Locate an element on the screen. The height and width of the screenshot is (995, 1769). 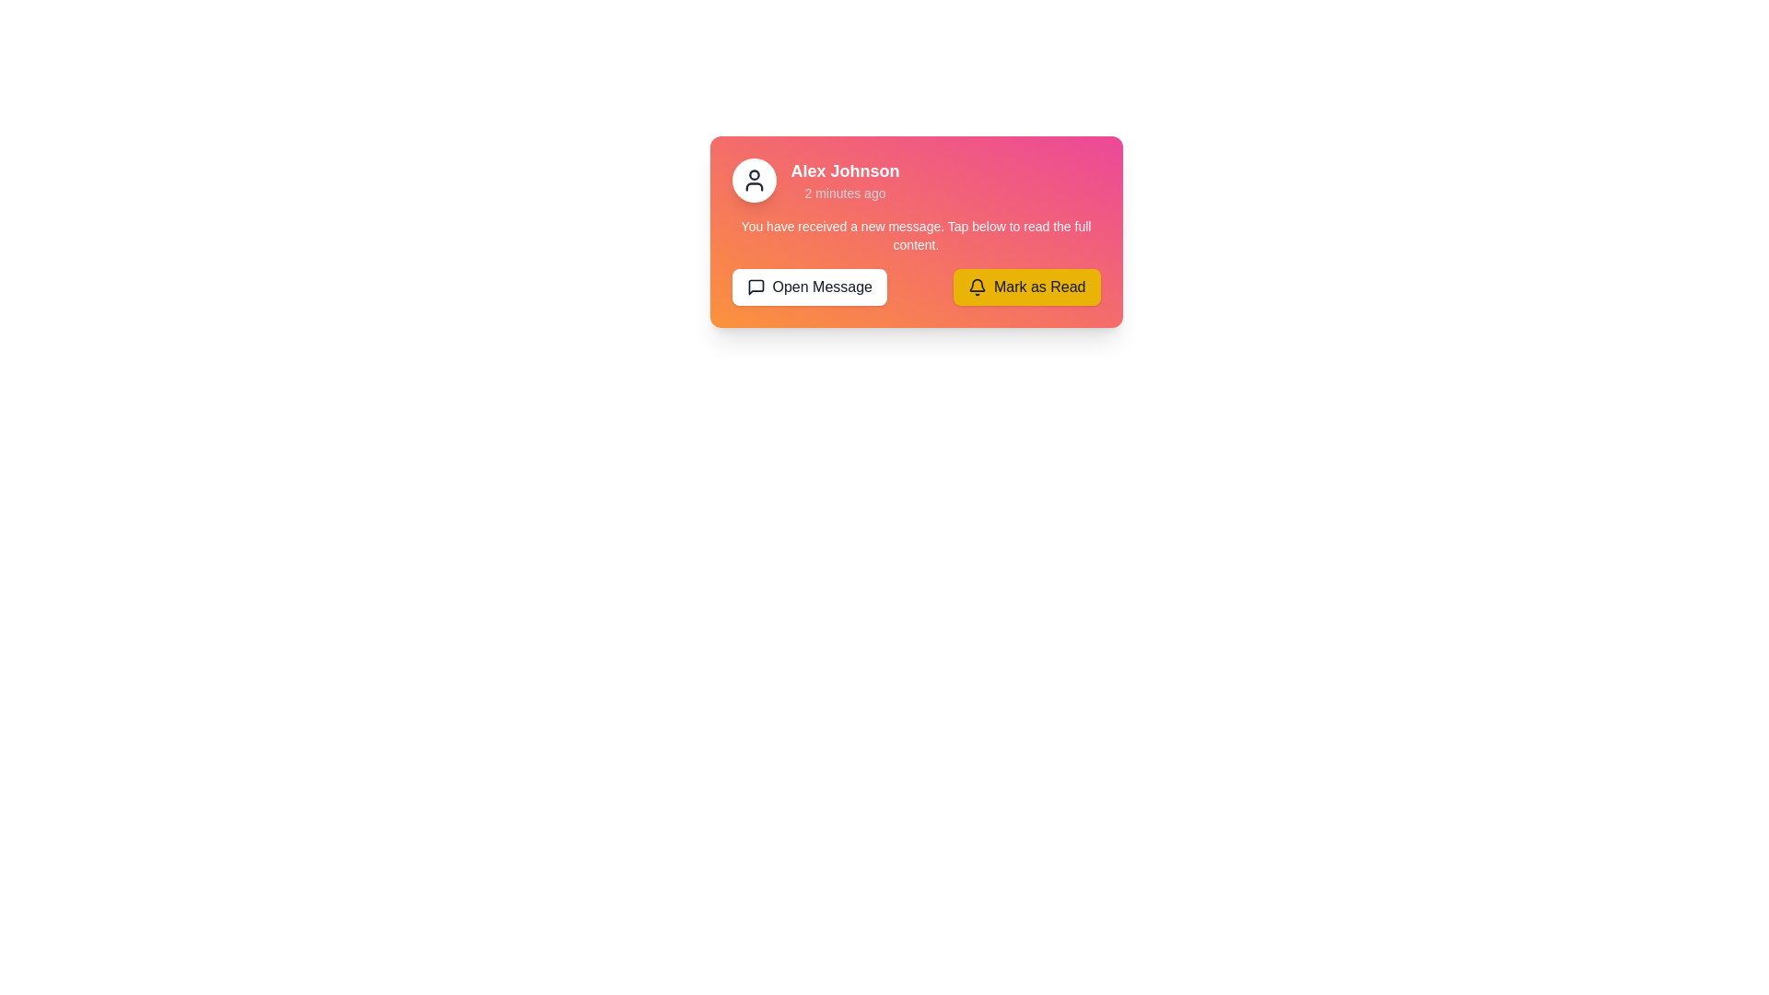
the textual label that displays 'Alex Johnson' with subtitle '2 minutes ago' in the notification card, which is aligned to the right of the circular avatar icon is located at coordinates (844, 181).